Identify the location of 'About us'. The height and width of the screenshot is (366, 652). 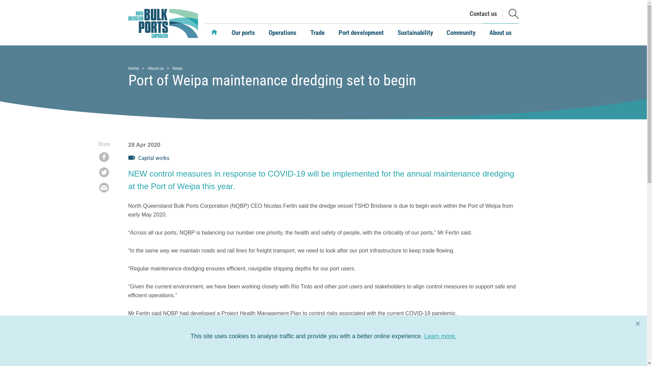
(155, 68).